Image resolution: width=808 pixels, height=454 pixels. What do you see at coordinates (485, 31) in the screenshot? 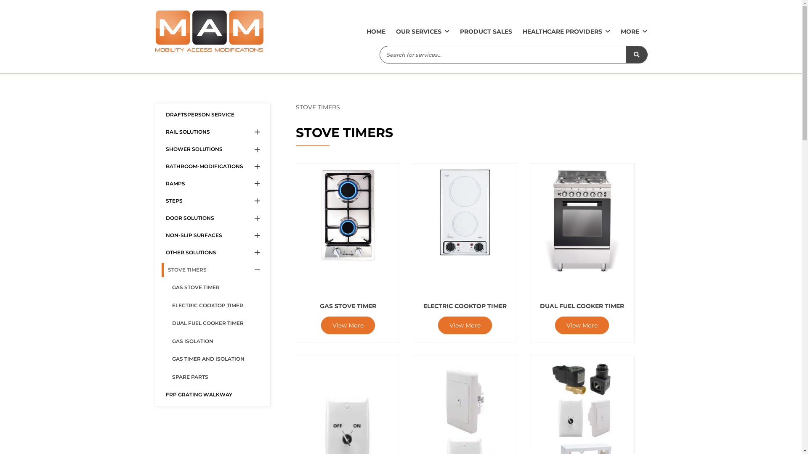
I see `'PRODUCT SALES'` at bounding box center [485, 31].